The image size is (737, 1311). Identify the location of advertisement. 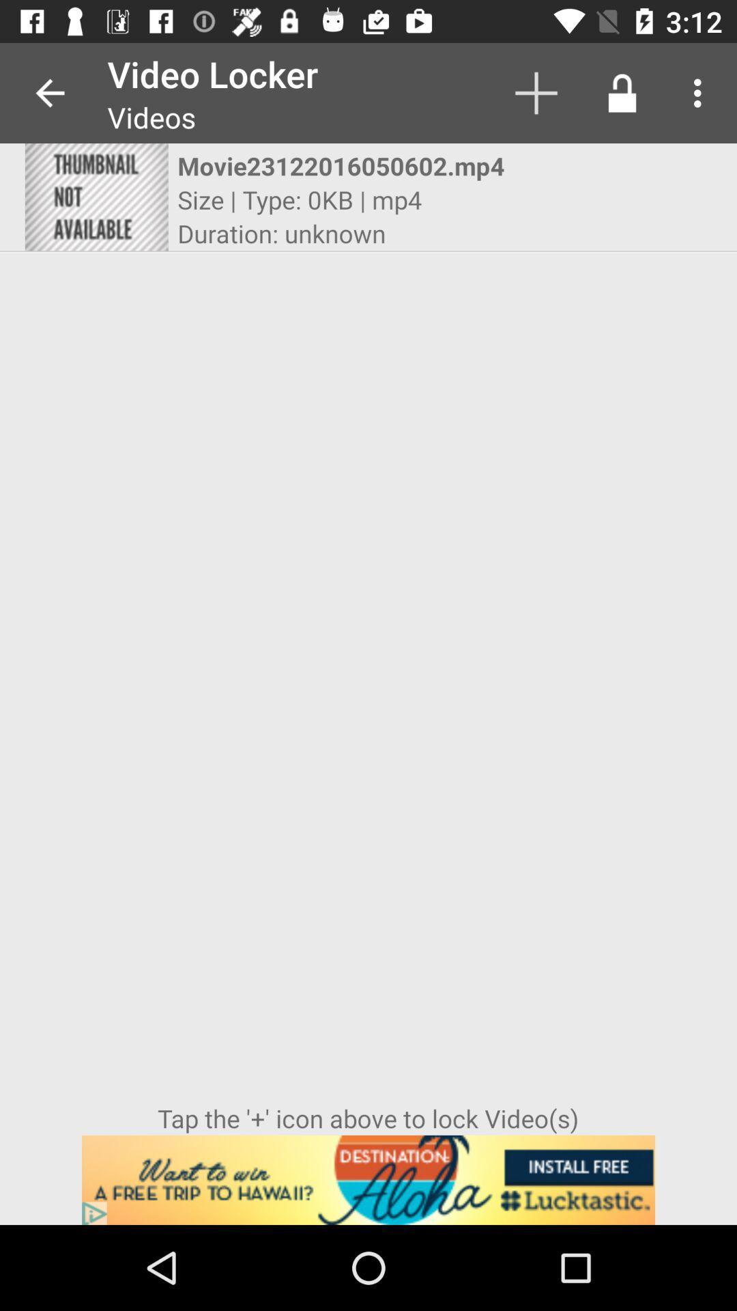
(369, 1179).